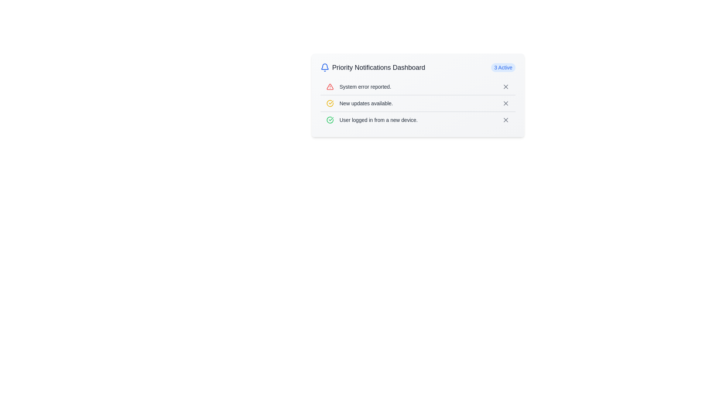 This screenshot has height=399, width=709. I want to click on the close icon (grey 'X') in the notification stating 'User logged in from a new device' to change its color to red, indicating interactivity, so click(505, 119).